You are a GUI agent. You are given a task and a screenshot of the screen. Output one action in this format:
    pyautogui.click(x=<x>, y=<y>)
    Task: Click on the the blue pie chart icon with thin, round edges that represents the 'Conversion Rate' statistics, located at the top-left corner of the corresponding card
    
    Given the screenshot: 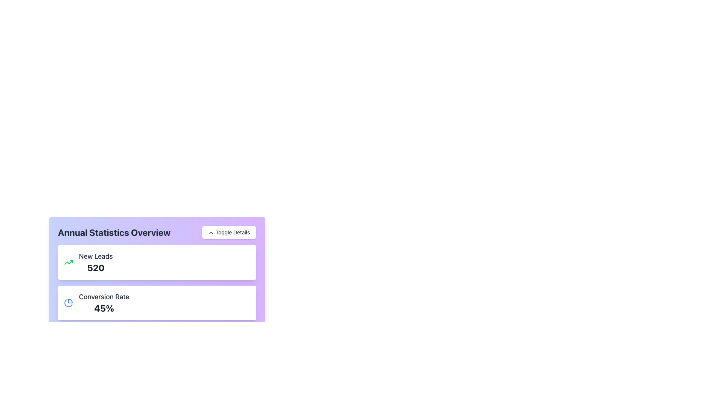 What is the action you would take?
    pyautogui.click(x=68, y=302)
    